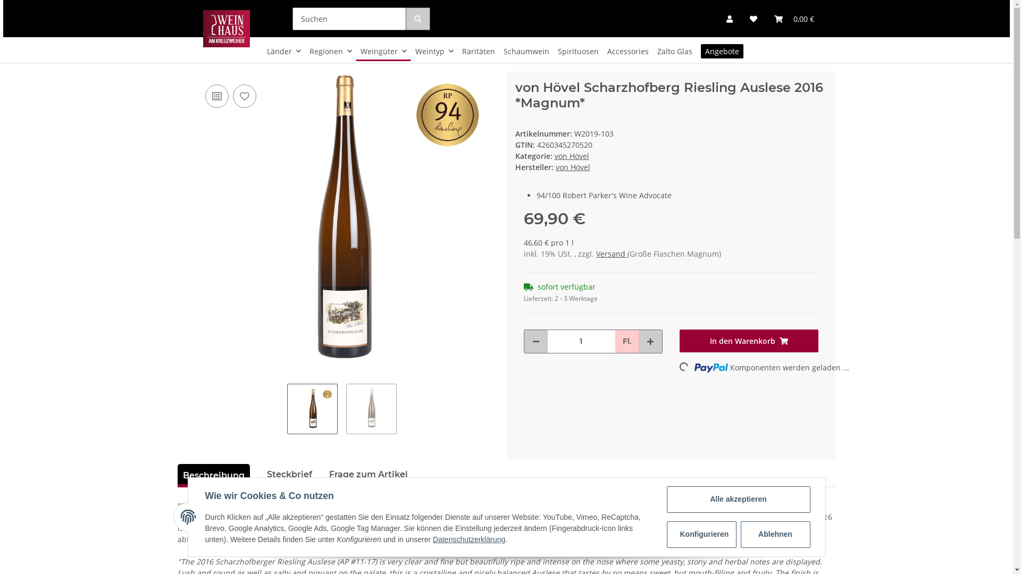 This screenshot has width=1021, height=574. Describe the element at coordinates (526, 51) in the screenshot. I see `'Schaumwein'` at that location.